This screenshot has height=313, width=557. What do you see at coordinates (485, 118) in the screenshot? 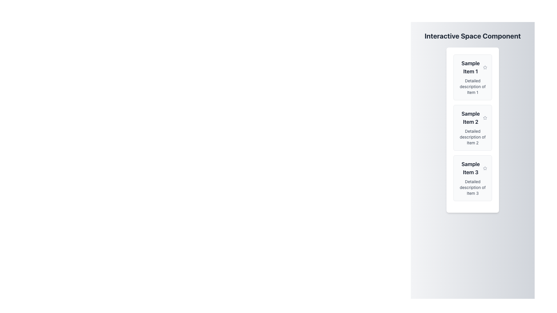
I see `the star icon located at the top-right corner of the card for 'Sample Item 2'` at bounding box center [485, 118].